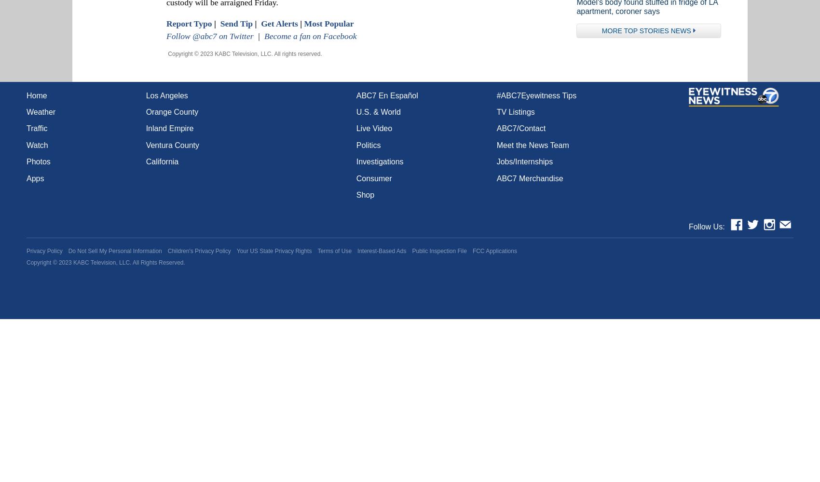 This screenshot has width=820, height=482. I want to click on 'TOP STORIES News', so click(657, 30).